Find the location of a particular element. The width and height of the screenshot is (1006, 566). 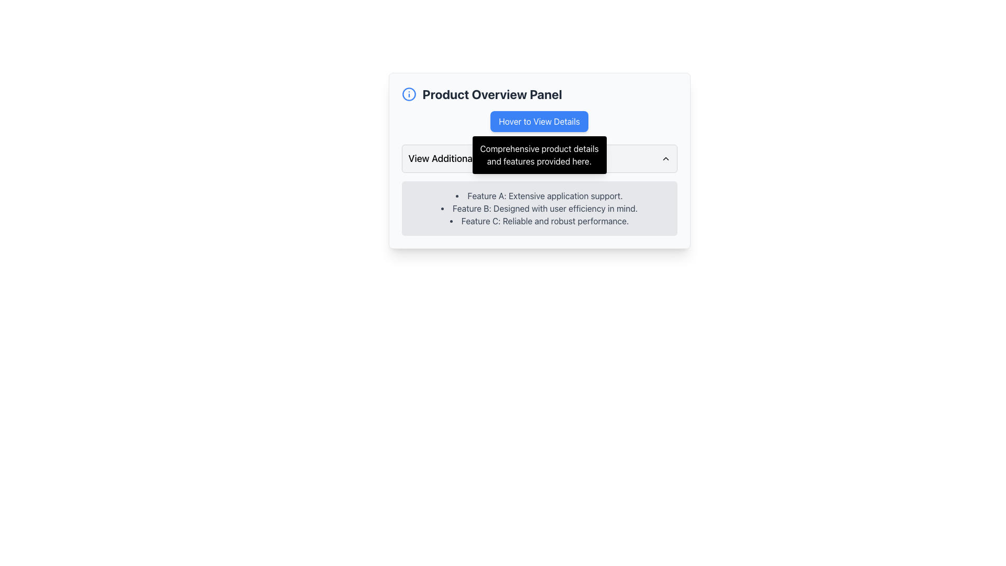

the chevron icon located on the far-right side of the 'View Additional Features' button is located at coordinates (665, 159).